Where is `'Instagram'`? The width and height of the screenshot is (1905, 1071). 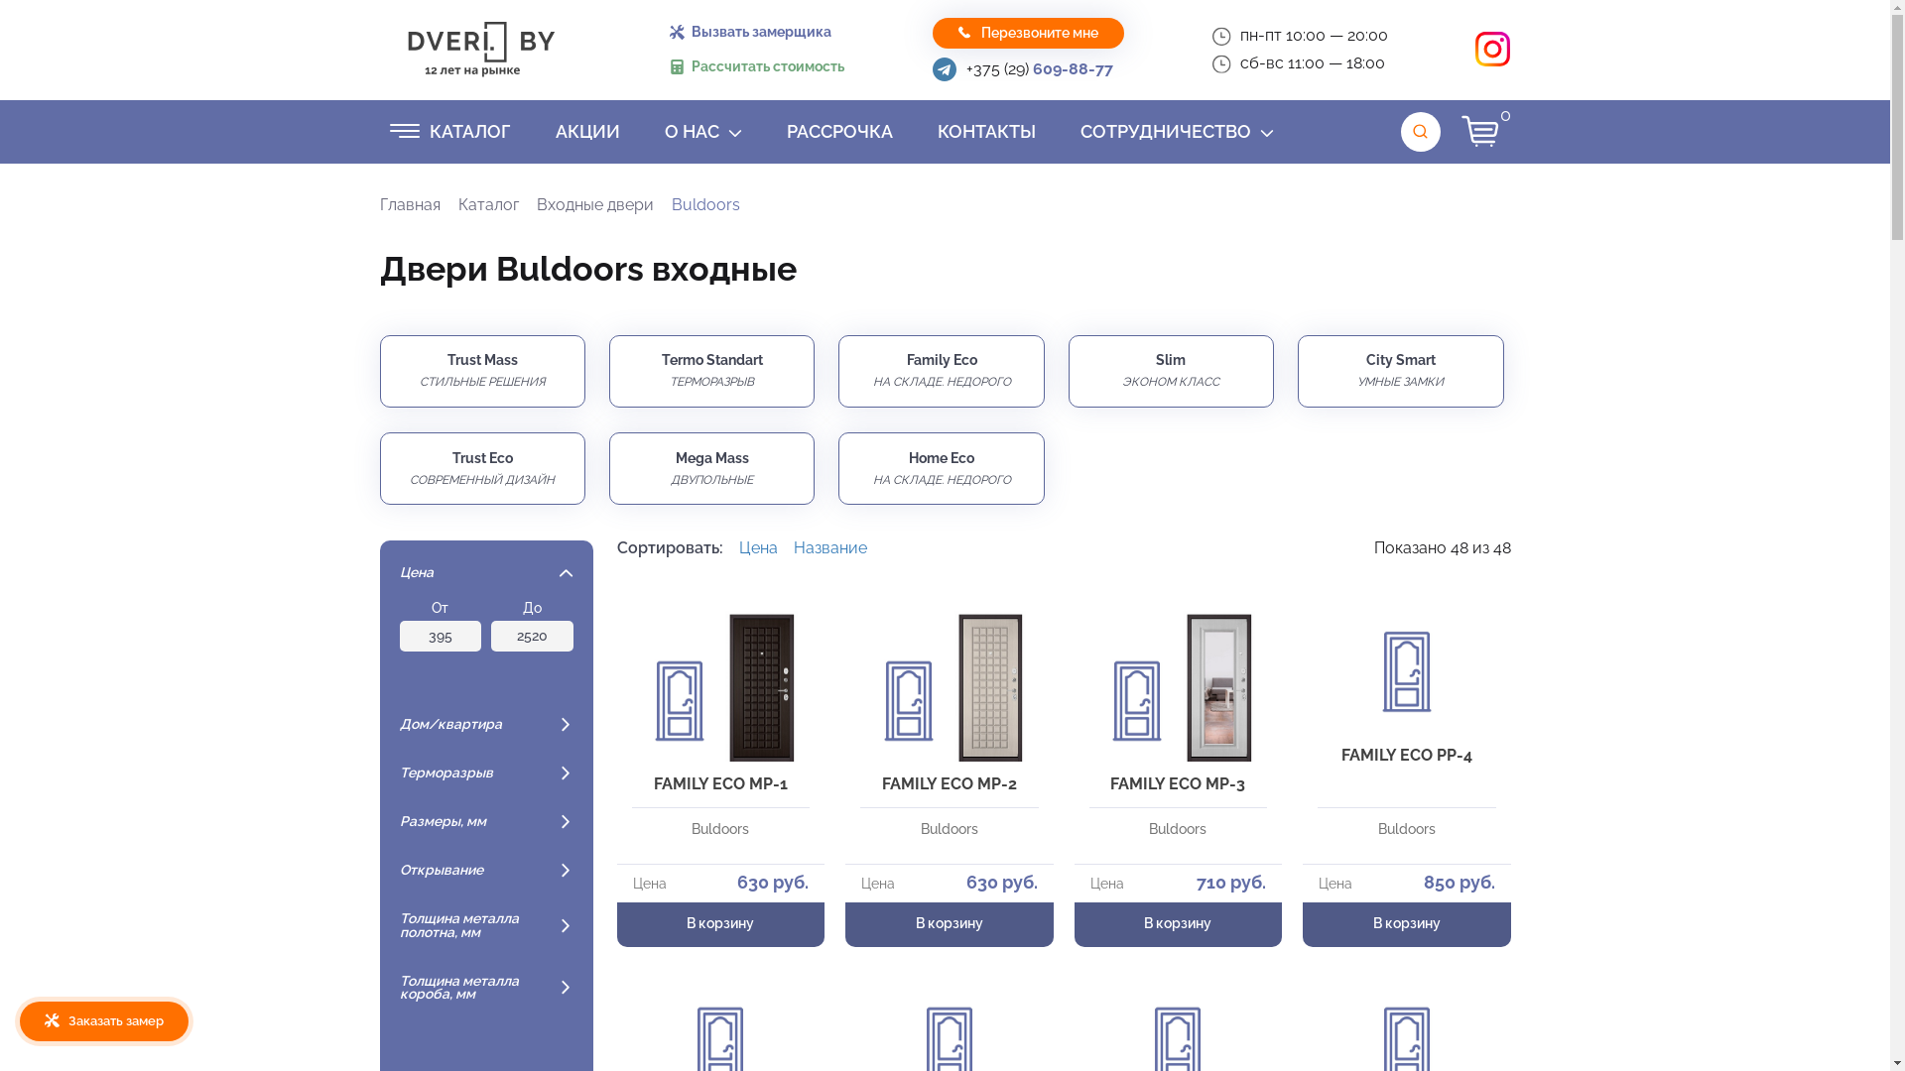 'Instagram' is located at coordinates (1492, 48).